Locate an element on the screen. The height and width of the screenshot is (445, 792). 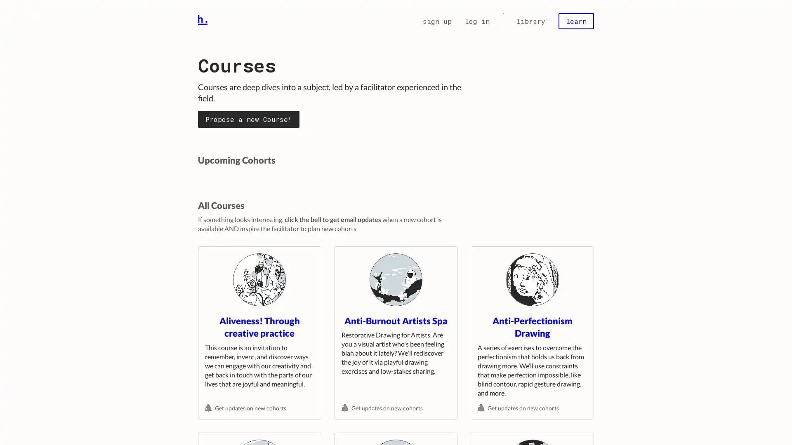
Get updates on new cohorts is located at coordinates (532, 408).